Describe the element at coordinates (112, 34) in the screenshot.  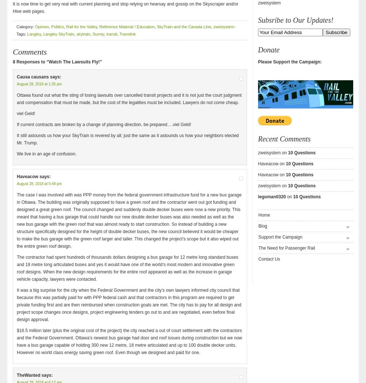
I see `'transit'` at that location.